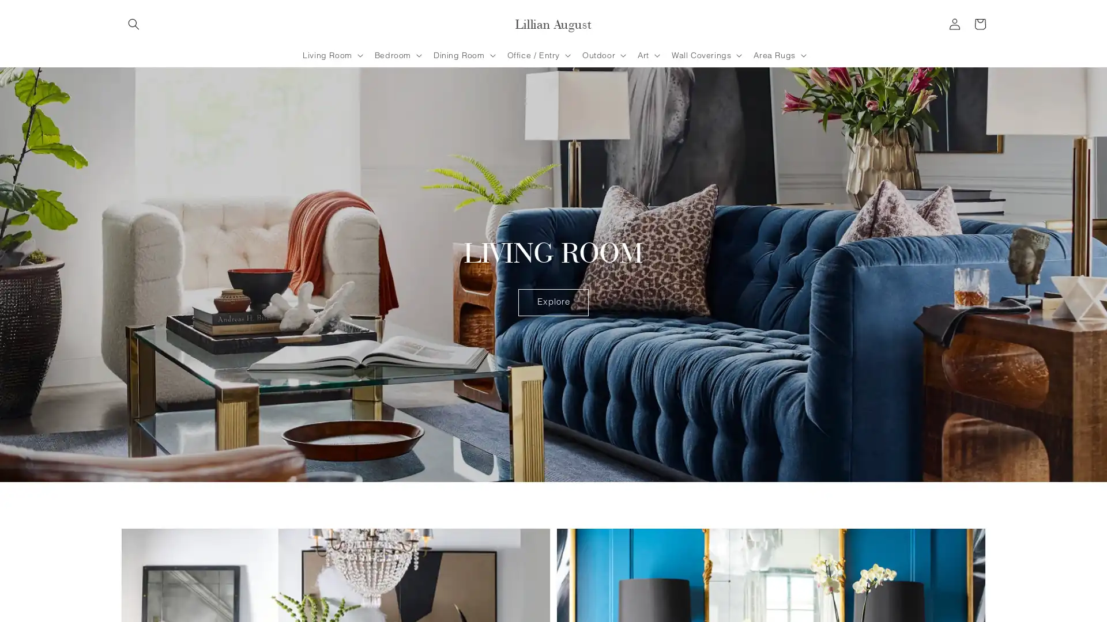 The image size is (1107, 622). What do you see at coordinates (537, 55) in the screenshot?
I see `Office / Entry` at bounding box center [537, 55].